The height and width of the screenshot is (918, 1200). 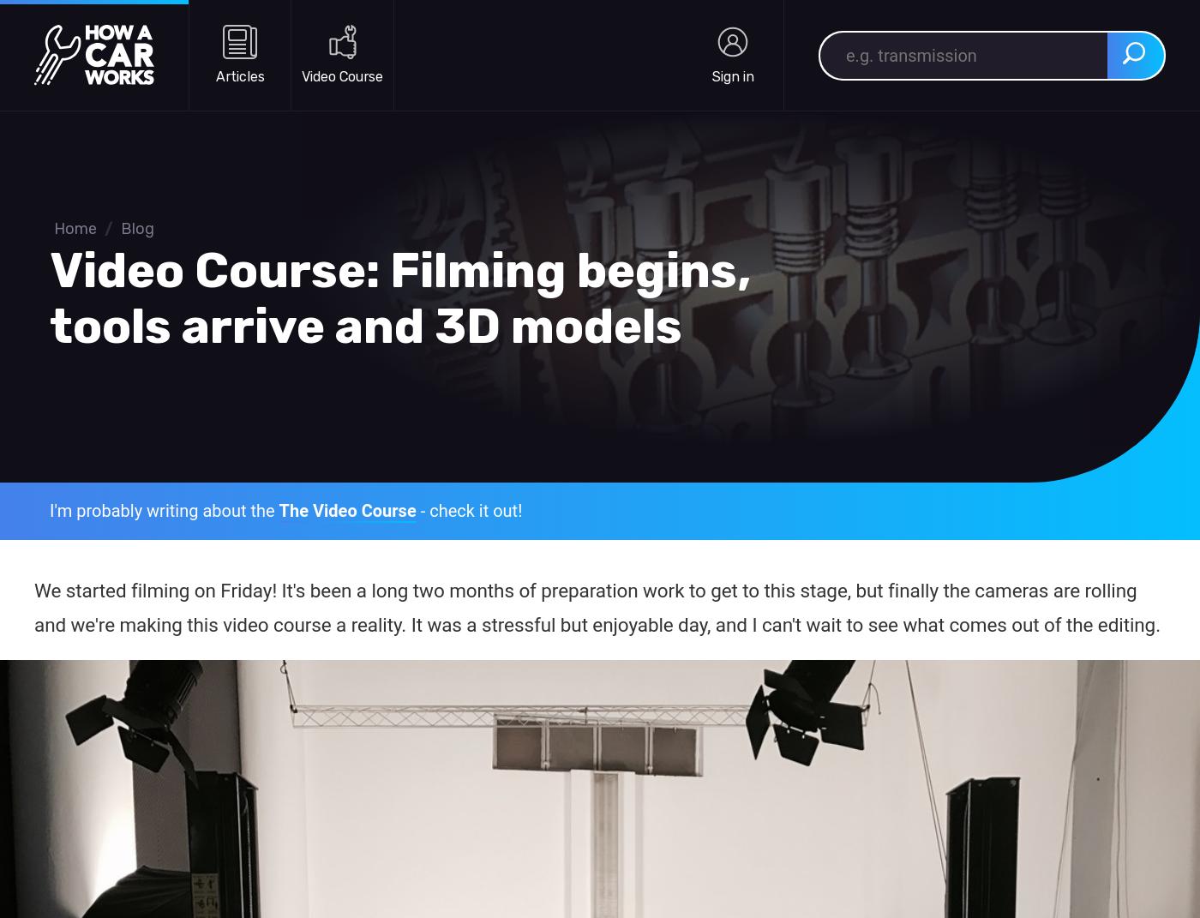 What do you see at coordinates (54, 229) in the screenshot?
I see `'Home'` at bounding box center [54, 229].